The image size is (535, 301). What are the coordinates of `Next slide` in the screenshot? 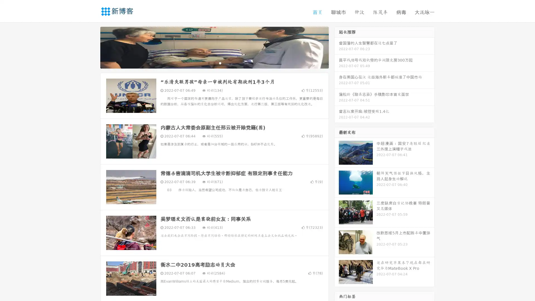 It's located at (337, 47).